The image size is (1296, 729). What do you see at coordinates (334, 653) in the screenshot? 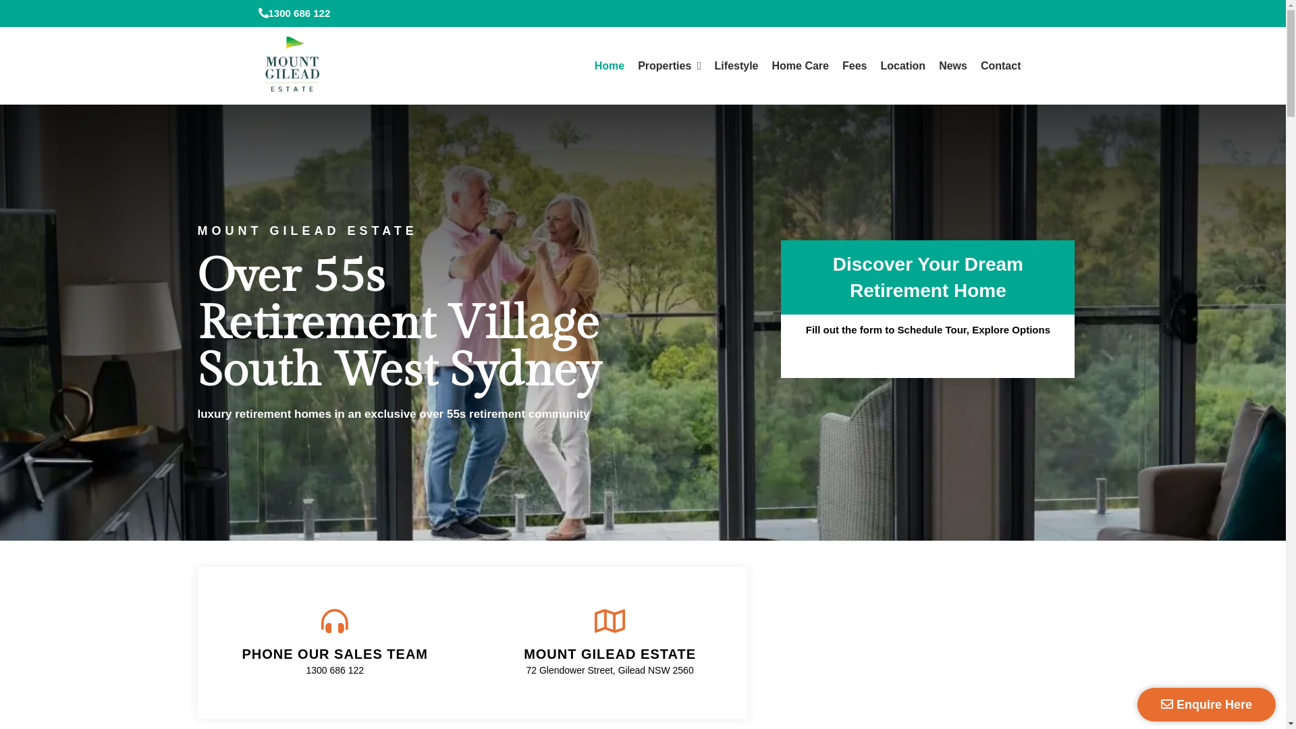
I see `'PHONE OUR SALES TEAM'` at bounding box center [334, 653].